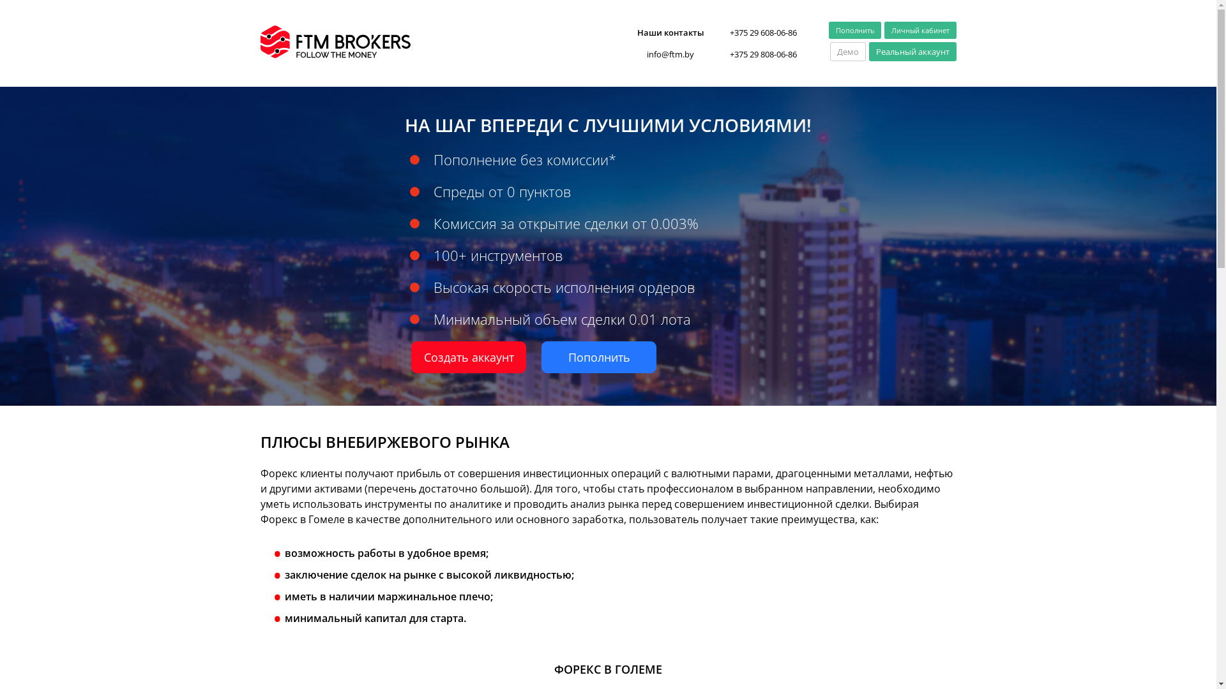 The width and height of the screenshot is (1226, 689). I want to click on '+375 29 808-06-86', so click(762, 53).